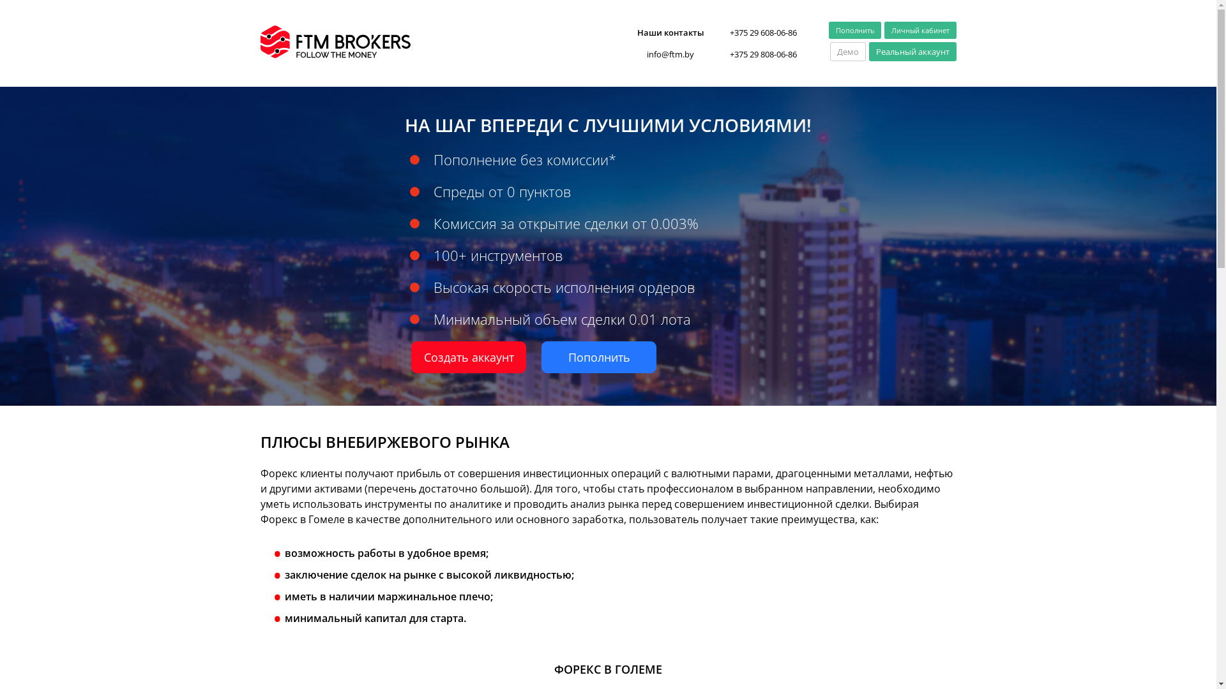 The width and height of the screenshot is (1226, 689). I want to click on '+375 29 808-06-86', so click(762, 53).